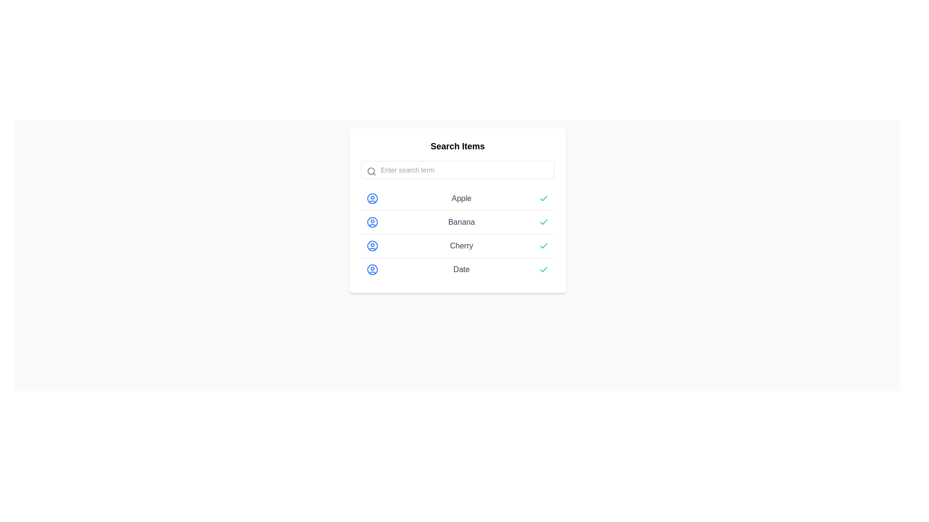 The height and width of the screenshot is (522, 929). What do you see at coordinates (457, 210) in the screenshot?
I see `the selectable list item for 'Banana'` at bounding box center [457, 210].